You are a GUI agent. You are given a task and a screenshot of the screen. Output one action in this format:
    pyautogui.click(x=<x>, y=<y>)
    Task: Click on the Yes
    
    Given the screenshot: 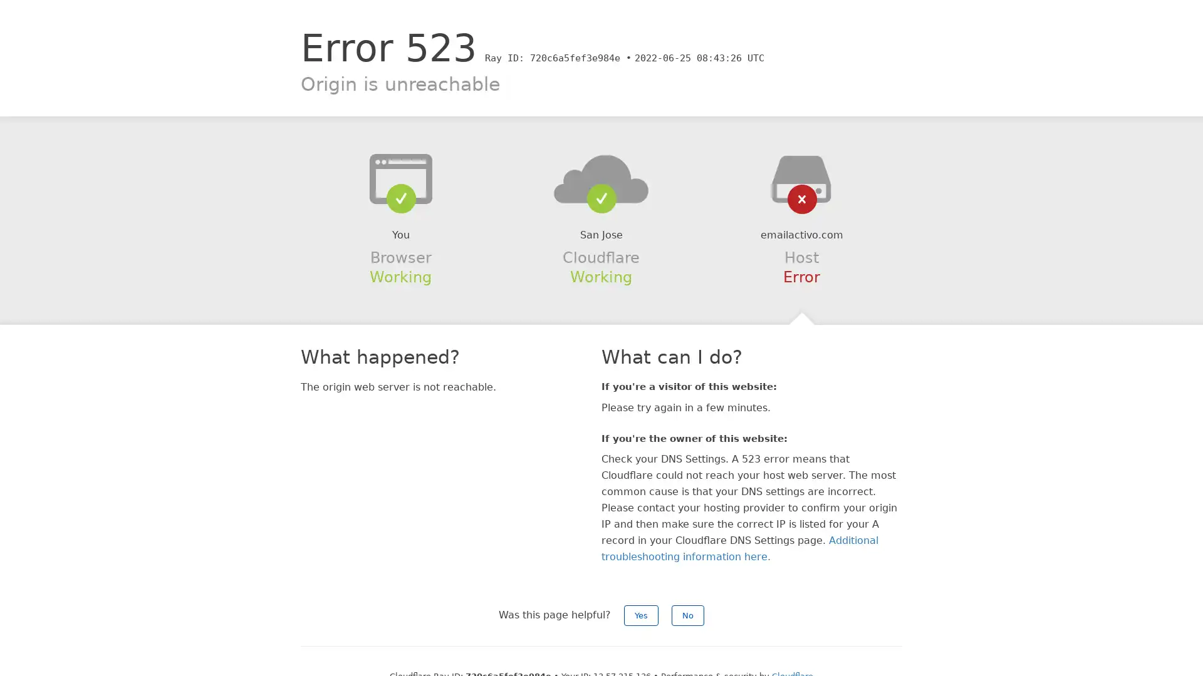 What is the action you would take?
    pyautogui.click(x=641, y=615)
    